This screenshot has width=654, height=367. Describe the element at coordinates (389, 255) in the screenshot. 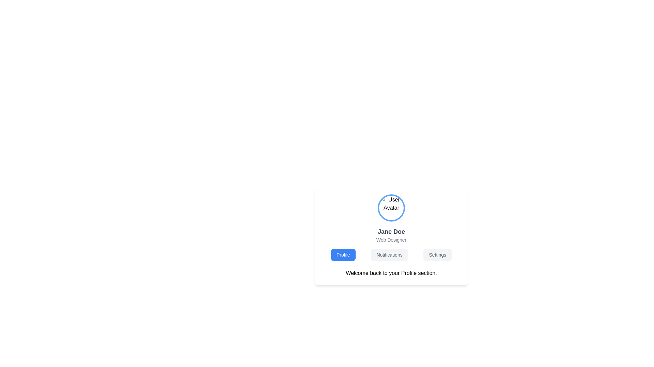

I see `the 'Notifications' button, which is a rectangular button with rounded corners and a light gray background` at that location.